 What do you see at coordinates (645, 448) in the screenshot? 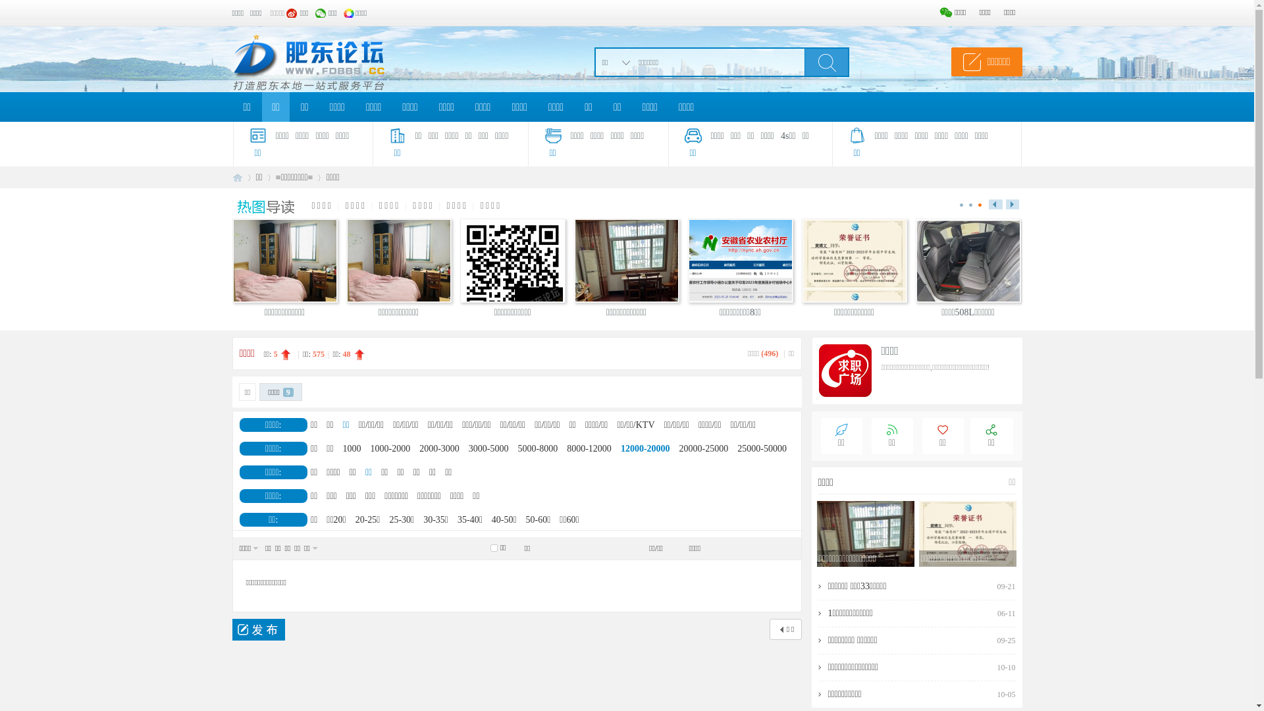
I see `'12000-20000'` at bounding box center [645, 448].